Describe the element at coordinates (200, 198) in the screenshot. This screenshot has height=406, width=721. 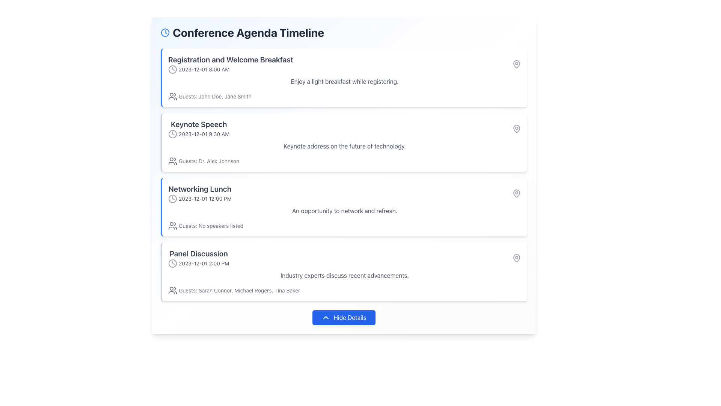
I see `scheduled time information displayed in the text label located under the 'Networking Lunch' title, to the right of the clock icon, within the third card of the events list` at that location.